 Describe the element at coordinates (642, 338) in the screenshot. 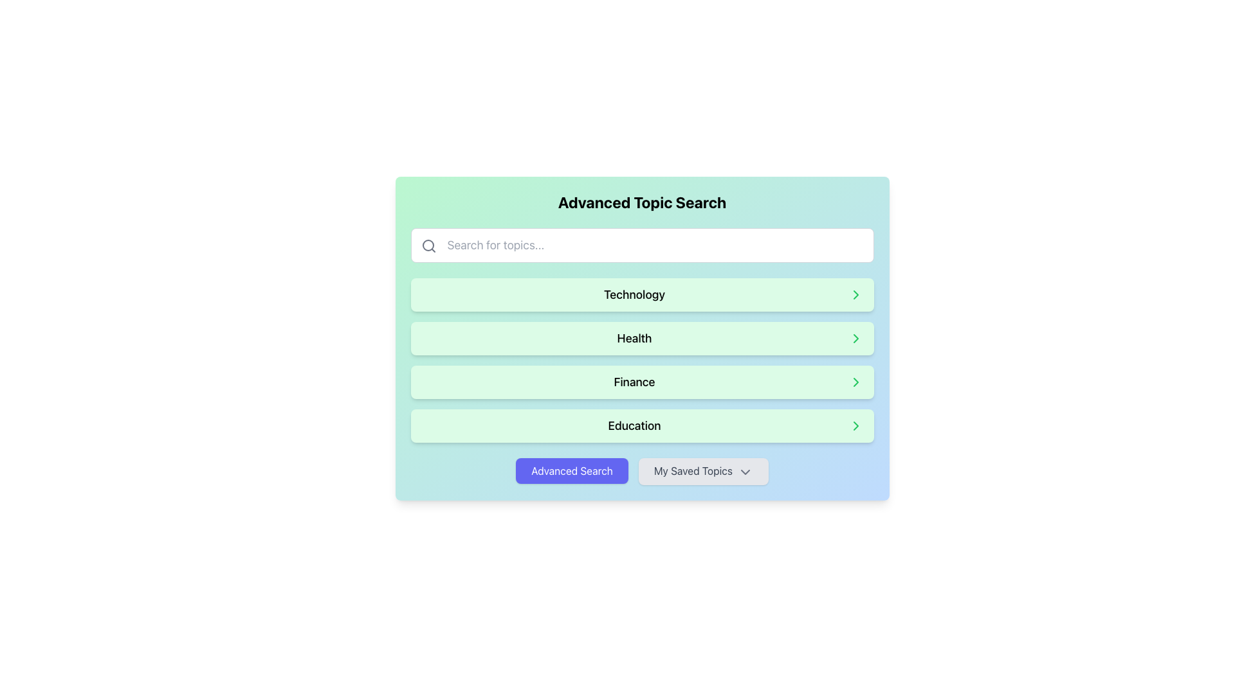

I see `the 'Health' button, which is a light green rectangular button with rounded corners, labeled 'Health' in bold font, positioned below the 'Technology' button and above the 'Finance' button` at that location.